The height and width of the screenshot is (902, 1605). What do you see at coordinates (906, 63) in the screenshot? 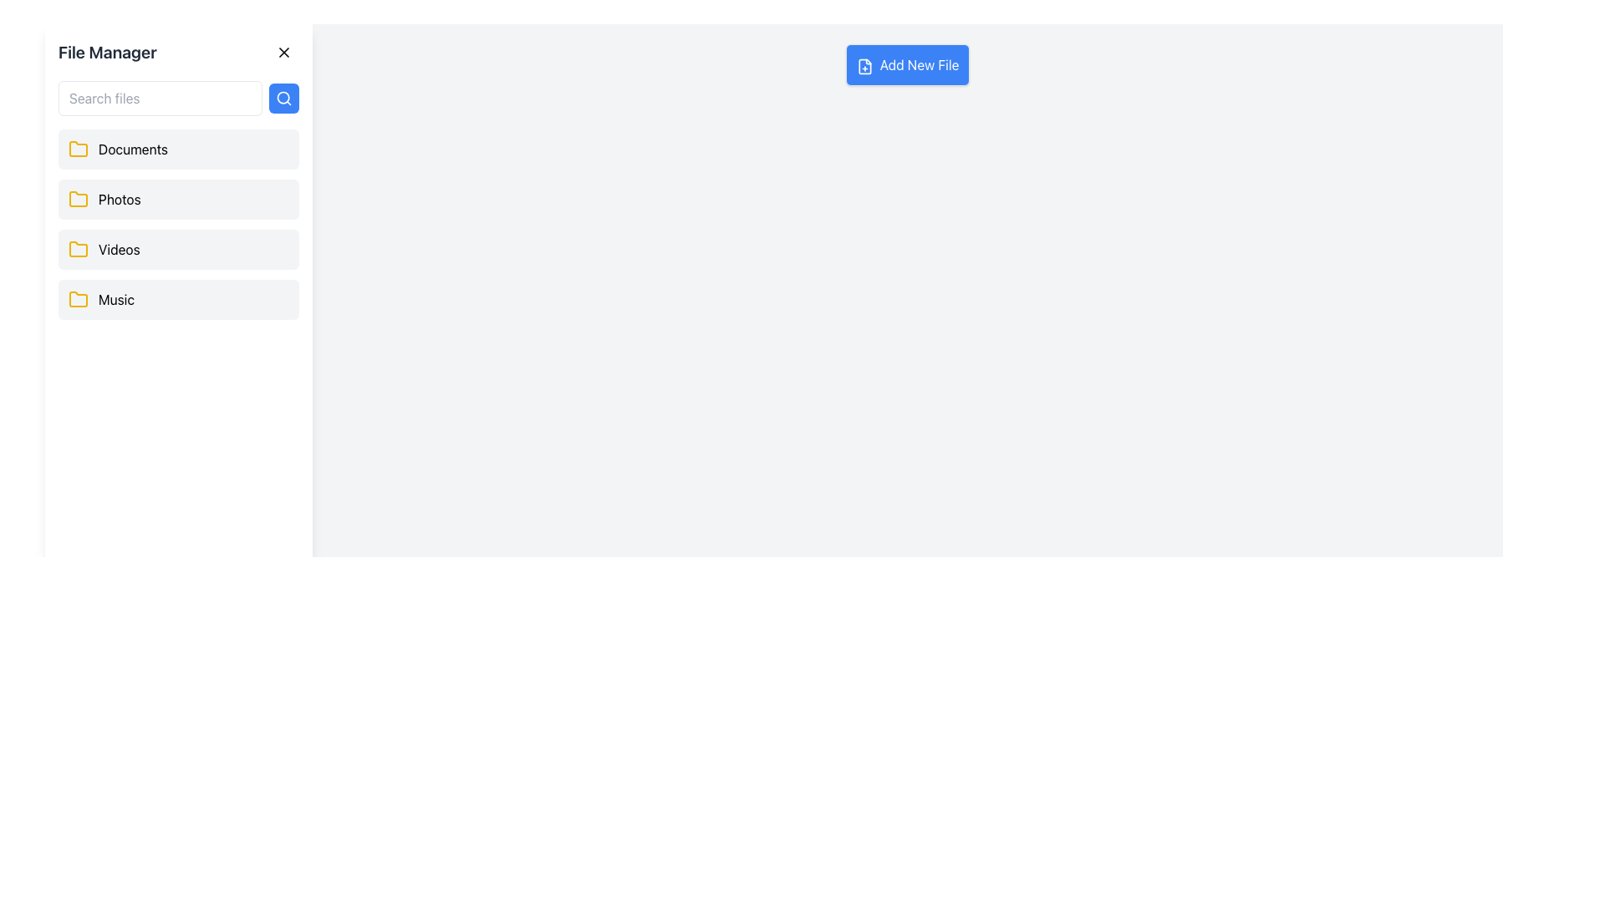
I see `the button located in the middle-top area of the main content section to observe a visual change (highlight or color change)` at bounding box center [906, 63].